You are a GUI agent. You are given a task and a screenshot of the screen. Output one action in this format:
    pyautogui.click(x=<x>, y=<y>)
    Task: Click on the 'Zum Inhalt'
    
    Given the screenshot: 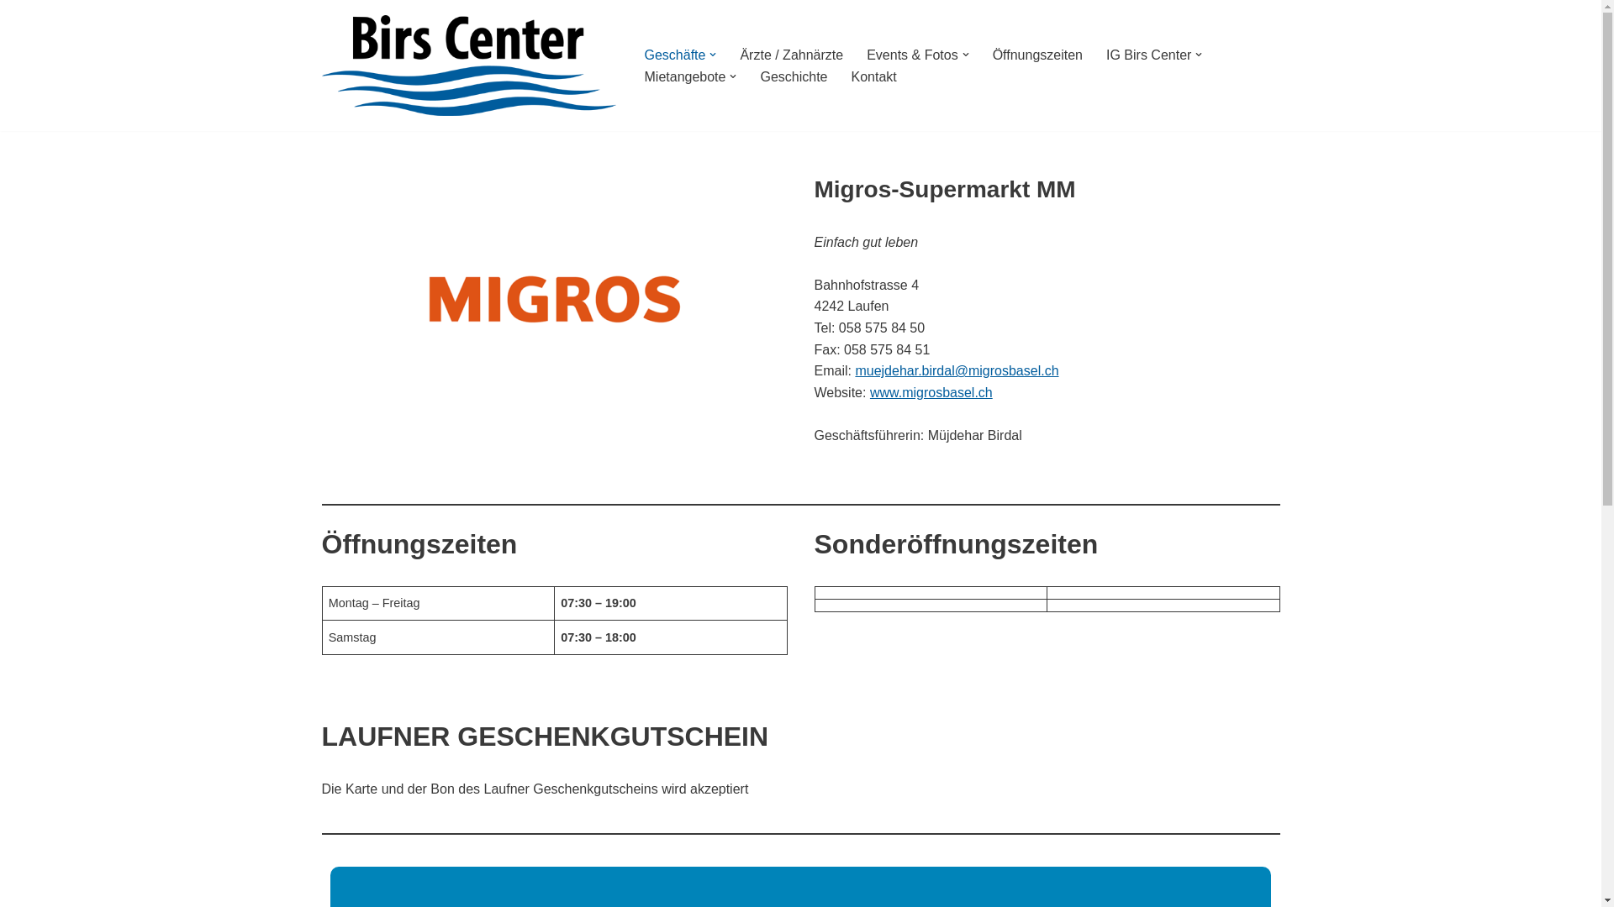 What is the action you would take?
    pyautogui.click(x=12, y=35)
    